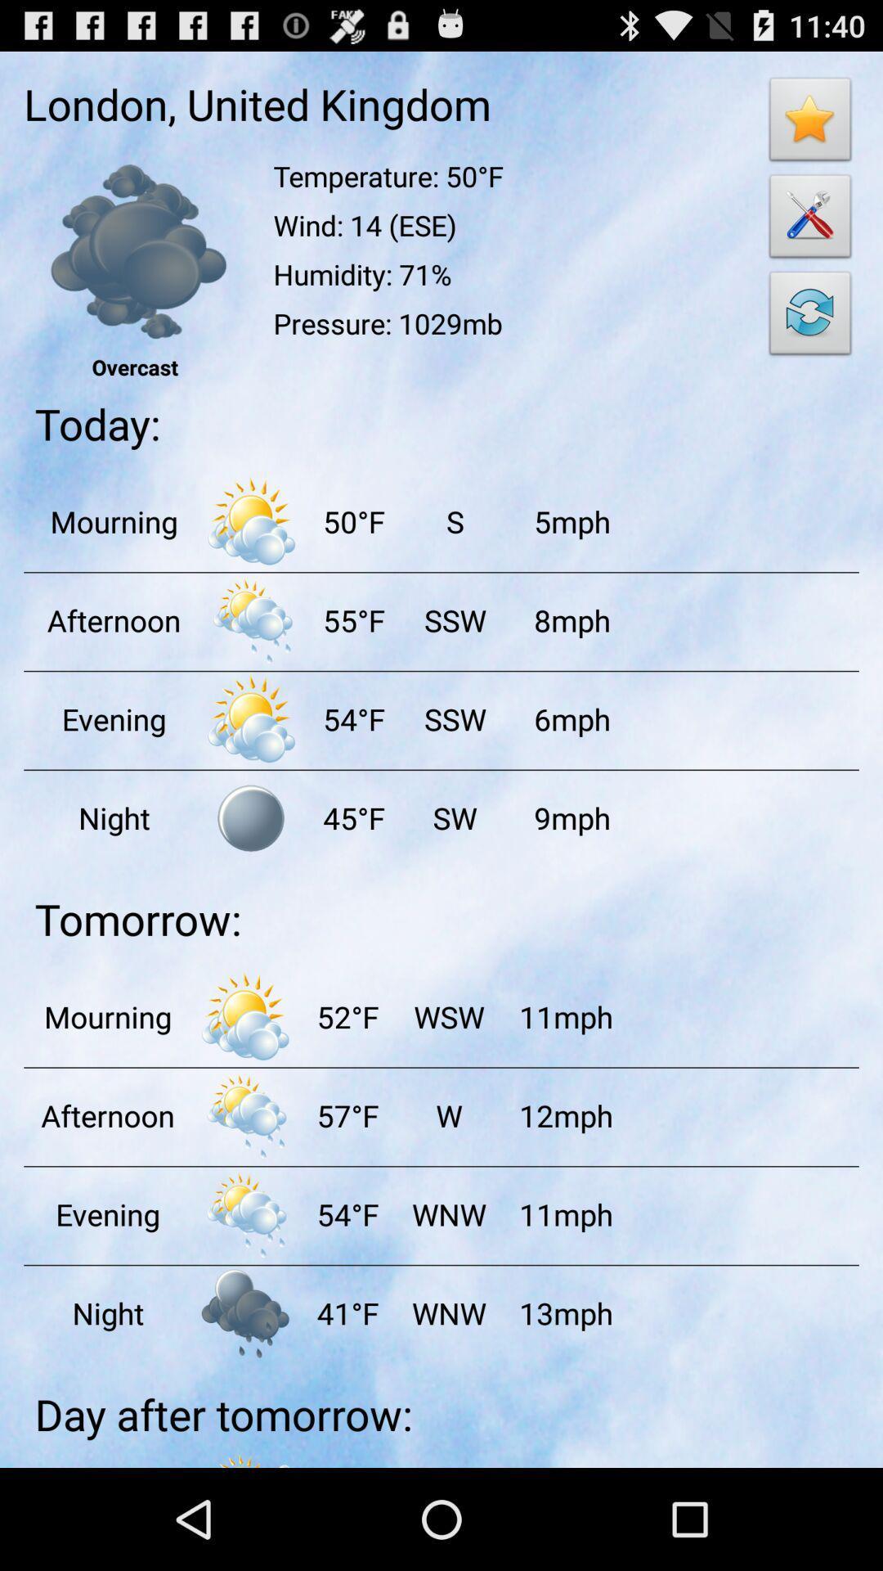 The height and width of the screenshot is (1571, 883). I want to click on overcast, so click(134, 250).